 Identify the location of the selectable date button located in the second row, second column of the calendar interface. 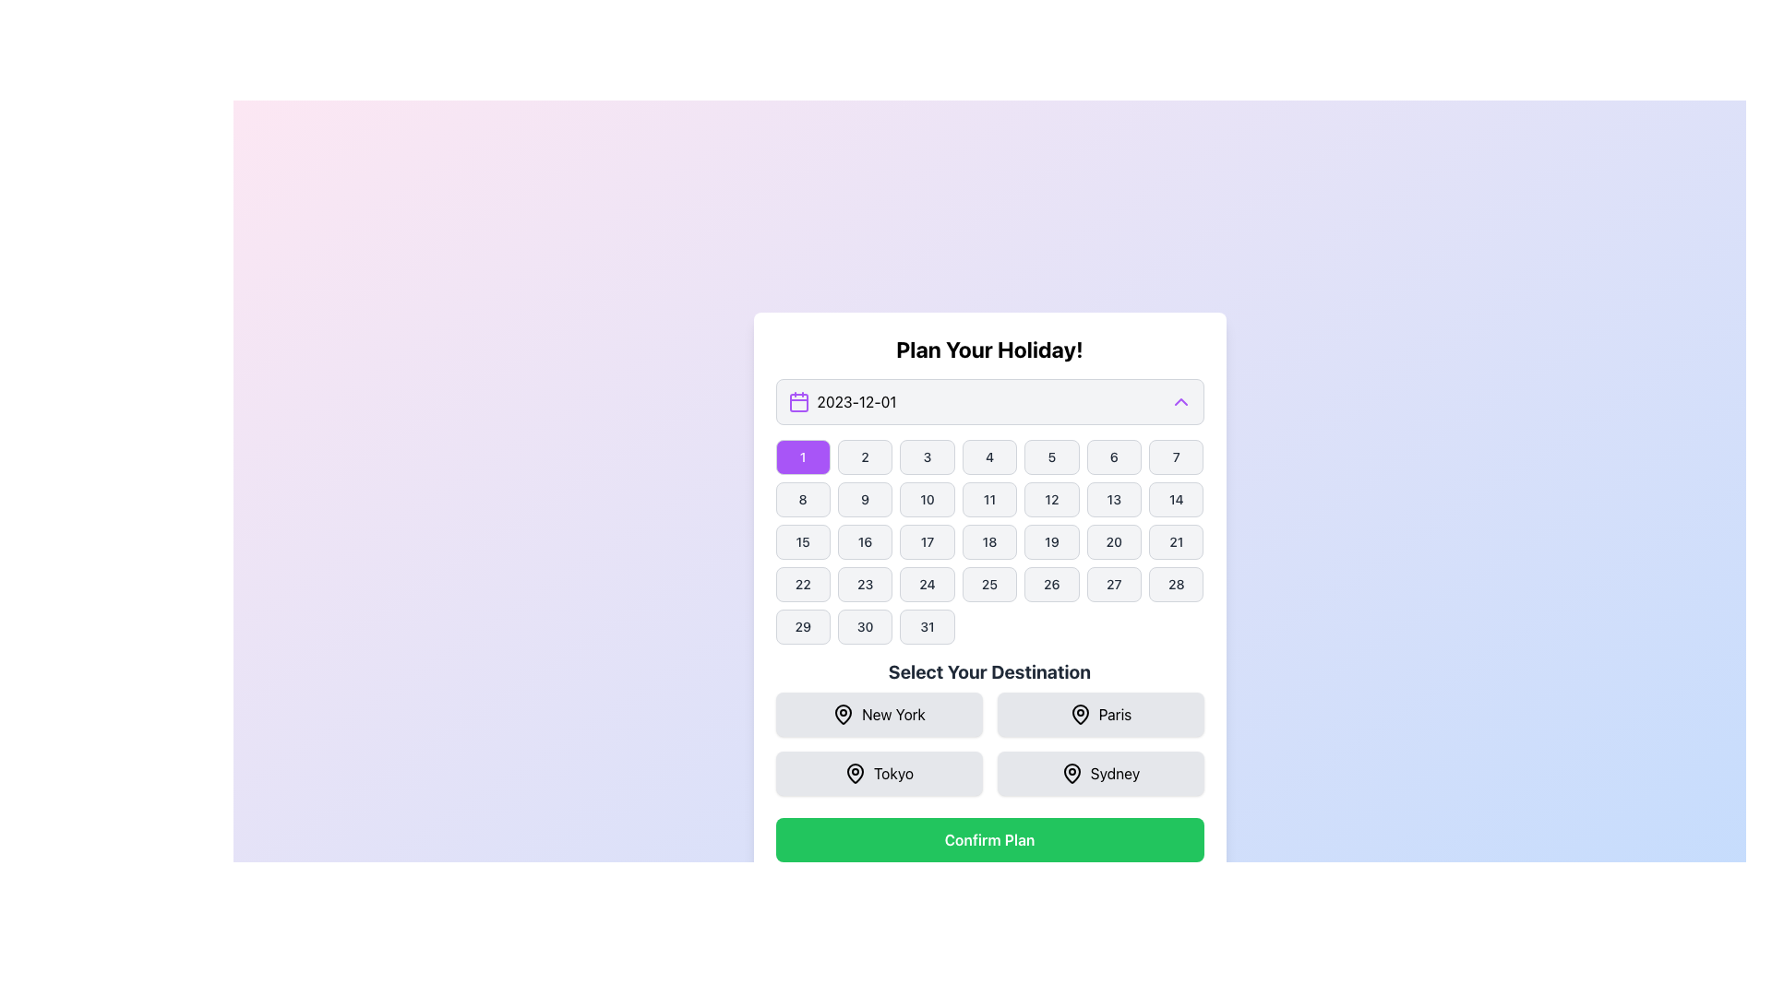
(864, 500).